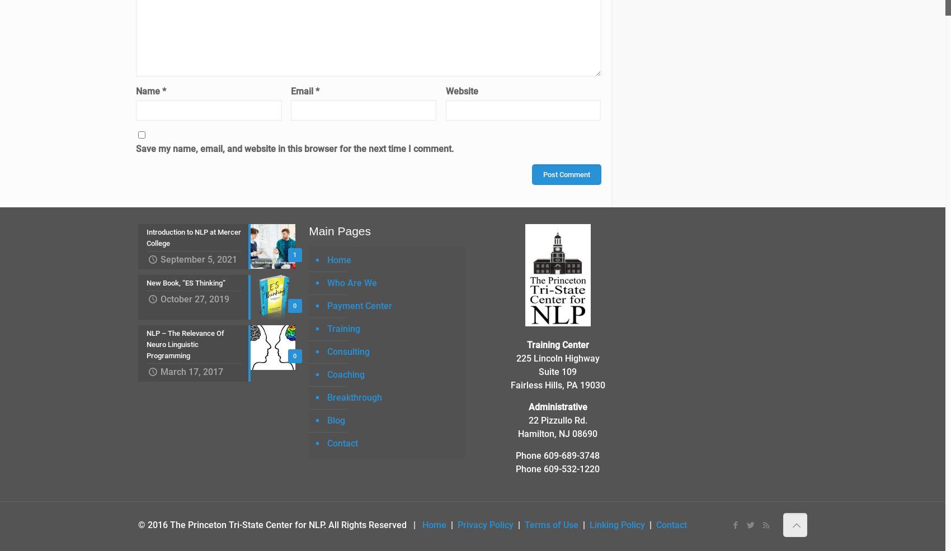  I want to click on 'Training Center', so click(557, 344).